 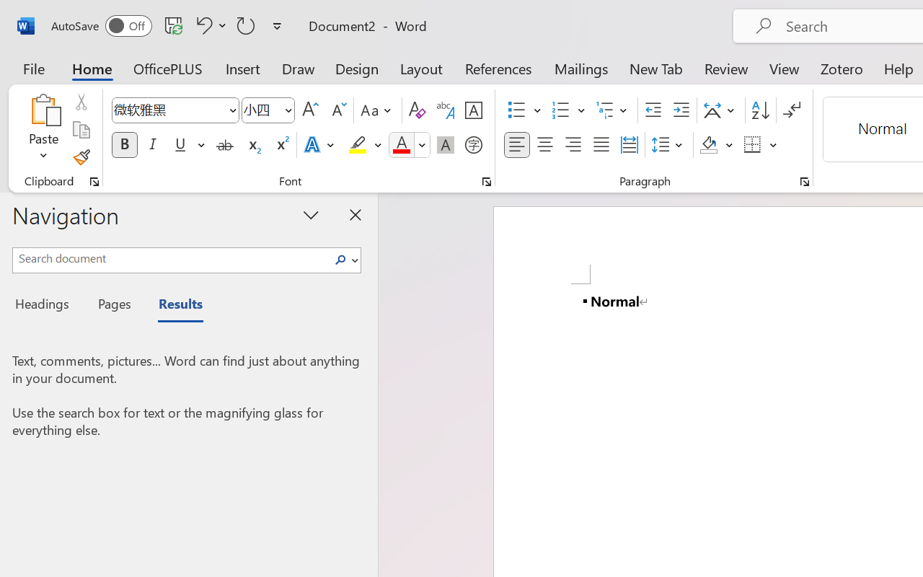 I want to click on 'Font Size', so click(x=268, y=110).